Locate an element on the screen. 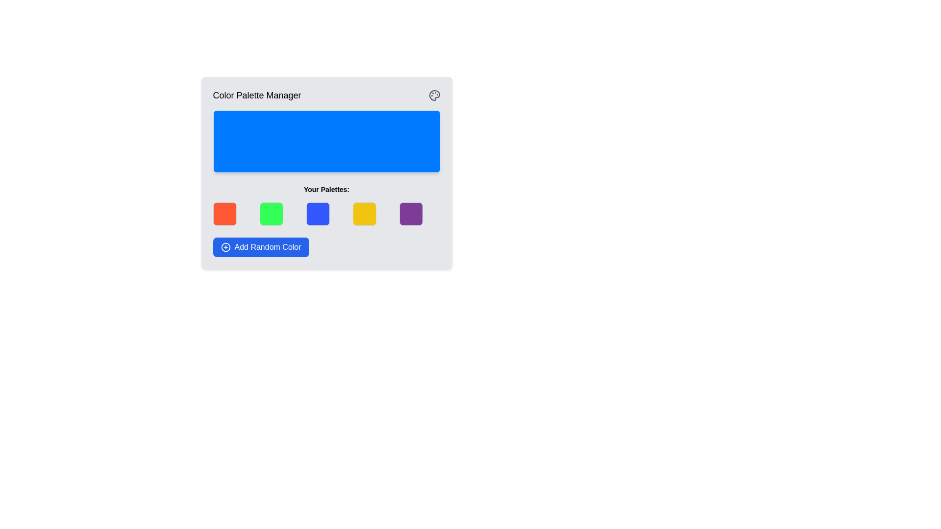 The width and height of the screenshot is (941, 529). the main body of the painter's palette icon located at the top right corner of the 'Color Palette Manager' widget is located at coordinates (434, 96).